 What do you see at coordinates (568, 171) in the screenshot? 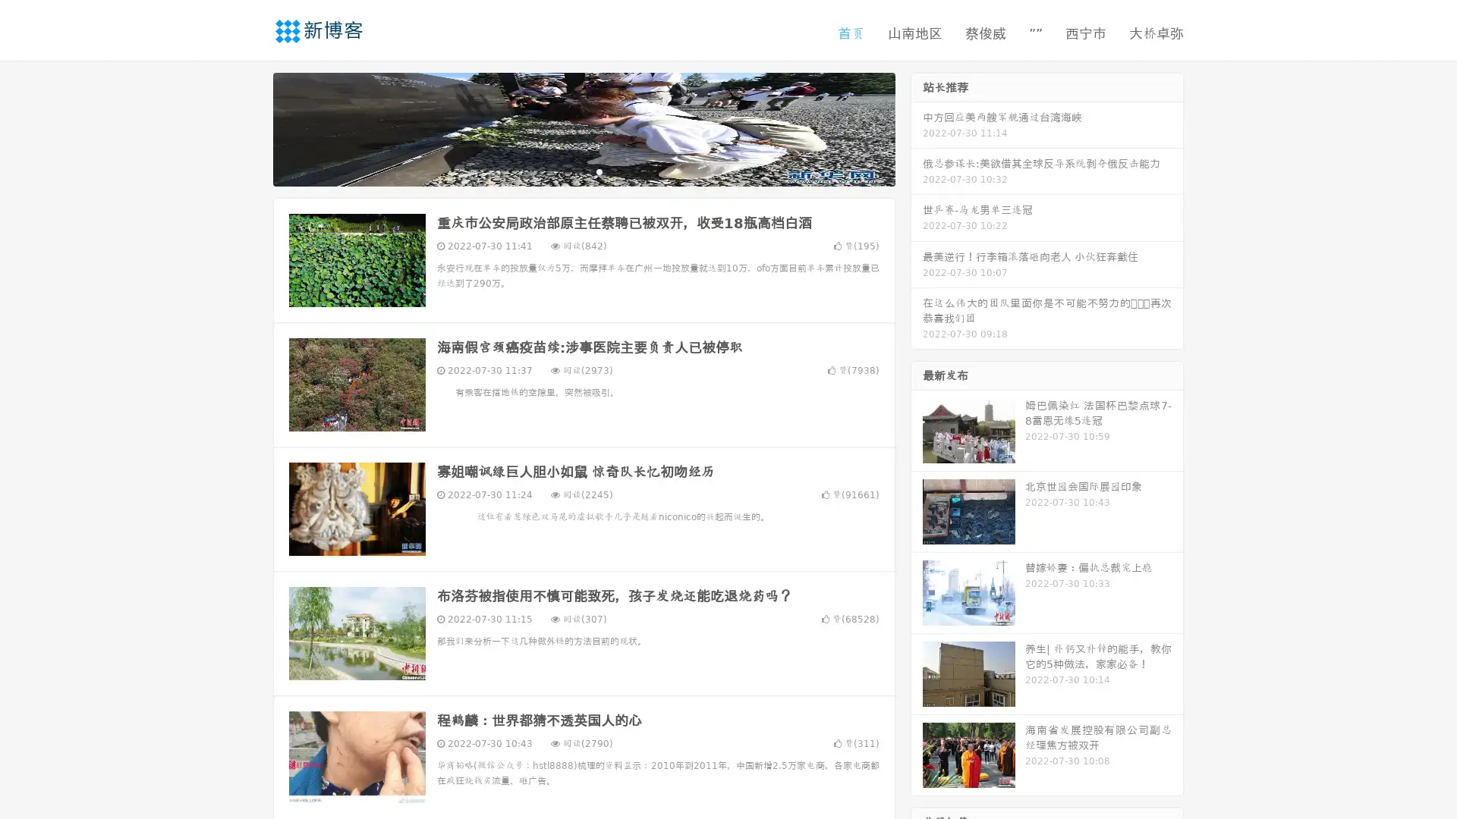
I see `Go to slide 1` at bounding box center [568, 171].